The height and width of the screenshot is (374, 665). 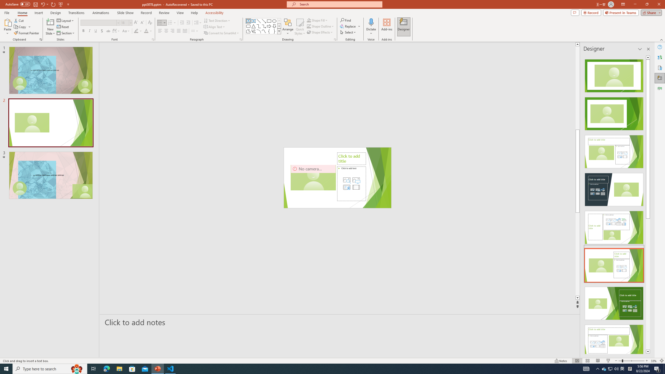 I want to click on 'Stock Images', so click(x=347, y=180).